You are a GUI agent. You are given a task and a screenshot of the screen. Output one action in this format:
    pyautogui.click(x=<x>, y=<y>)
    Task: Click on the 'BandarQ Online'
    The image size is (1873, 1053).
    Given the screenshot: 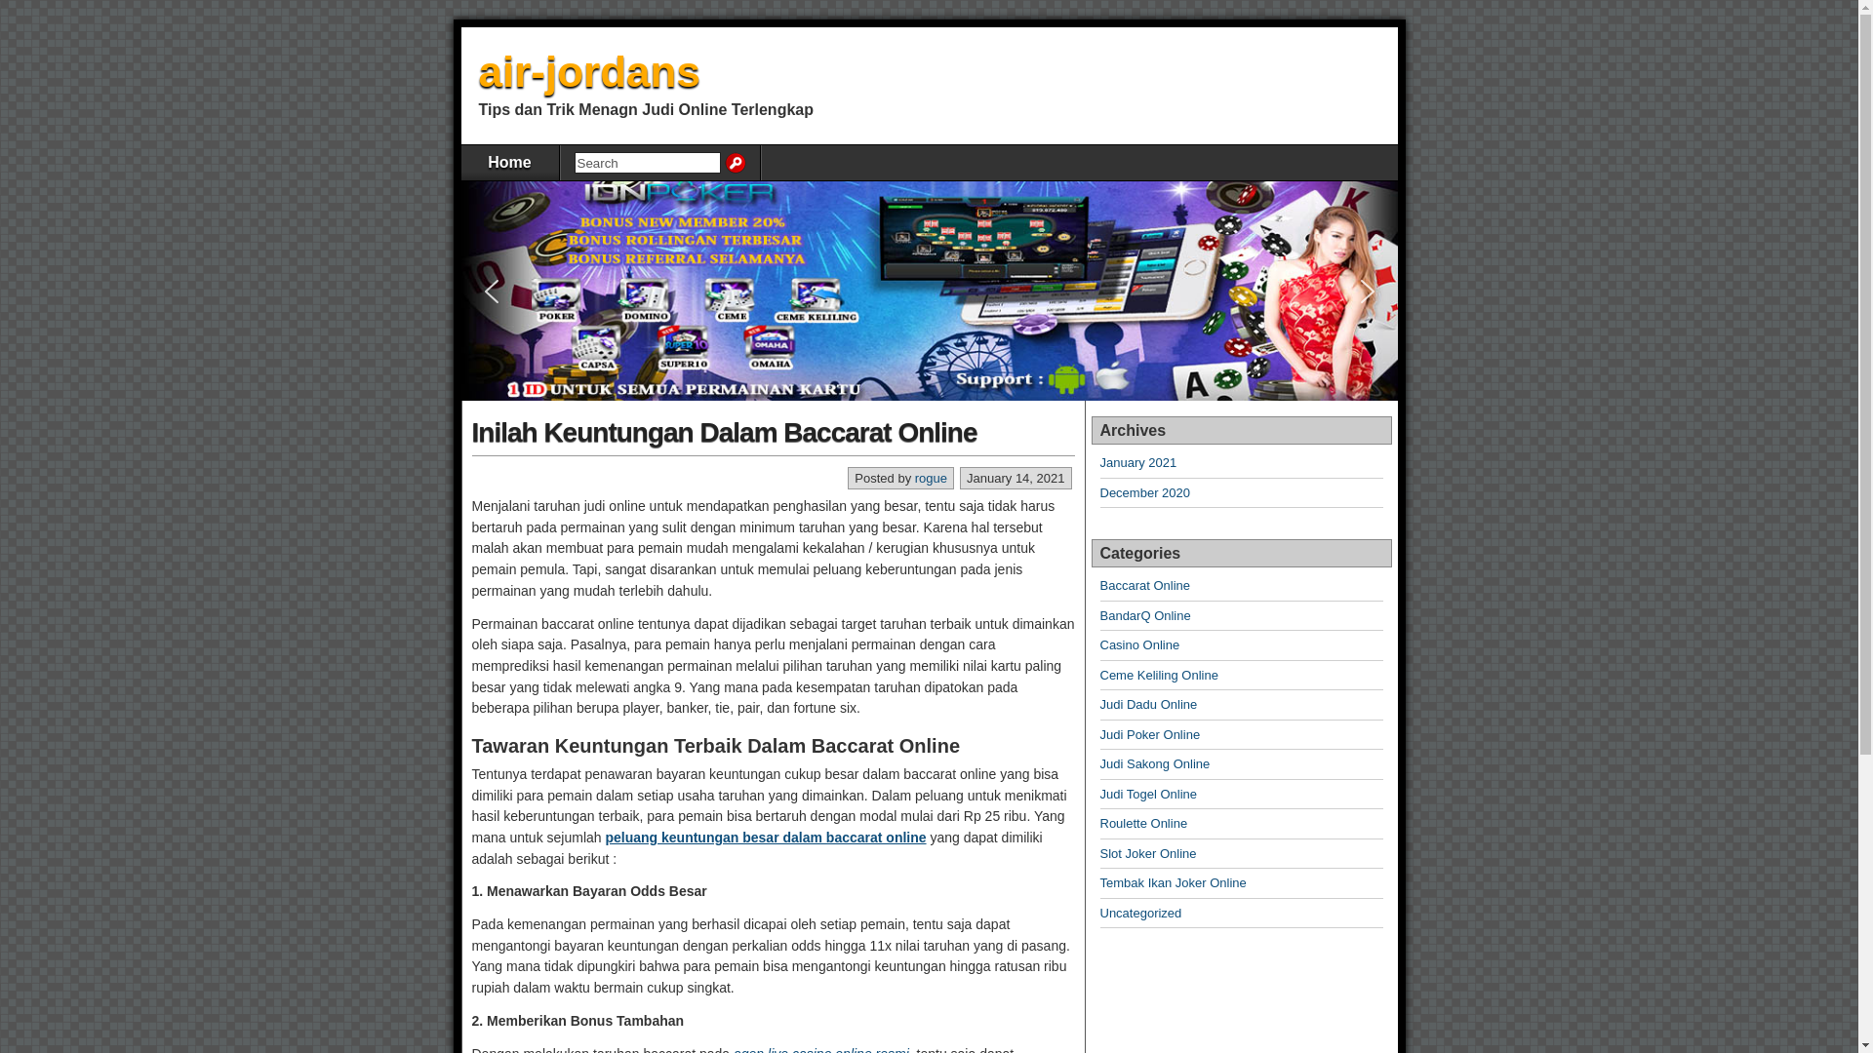 What is the action you would take?
    pyautogui.click(x=1145, y=615)
    